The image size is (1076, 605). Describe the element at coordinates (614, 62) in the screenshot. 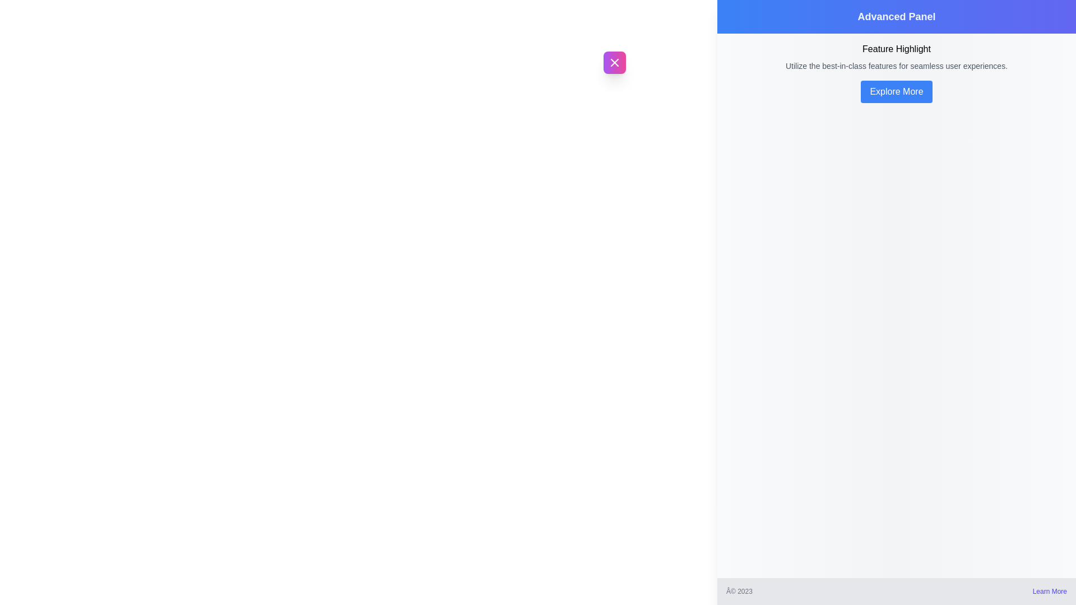

I see `the close button located at the top-right side of the panel to observe any hover effects` at that location.